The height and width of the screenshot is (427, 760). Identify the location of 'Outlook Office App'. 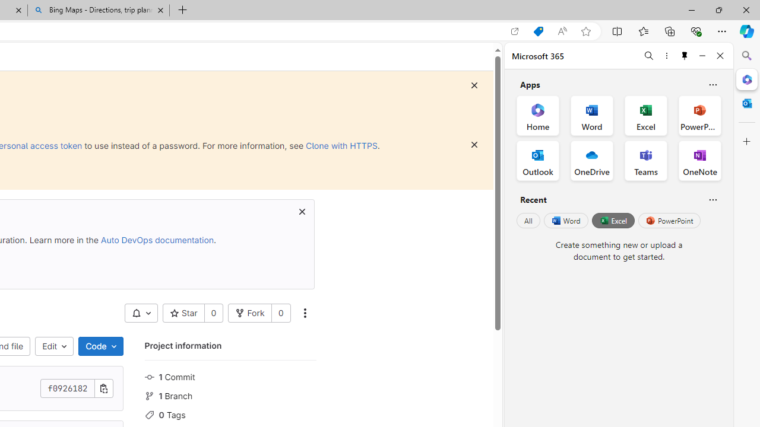
(537, 161).